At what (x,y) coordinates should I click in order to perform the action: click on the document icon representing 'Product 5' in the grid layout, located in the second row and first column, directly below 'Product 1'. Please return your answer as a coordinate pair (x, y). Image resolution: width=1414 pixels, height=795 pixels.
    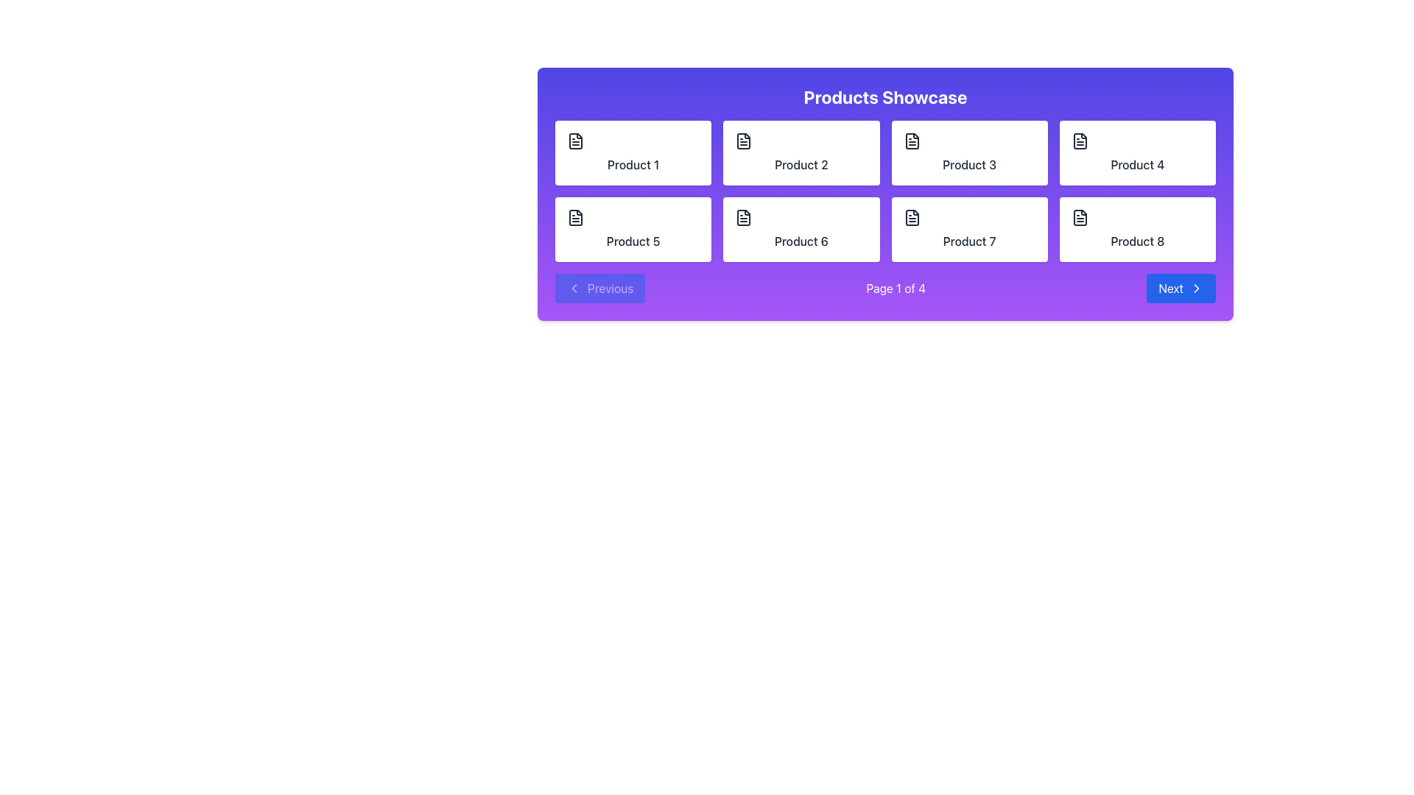
    Looking at the image, I should click on (575, 218).